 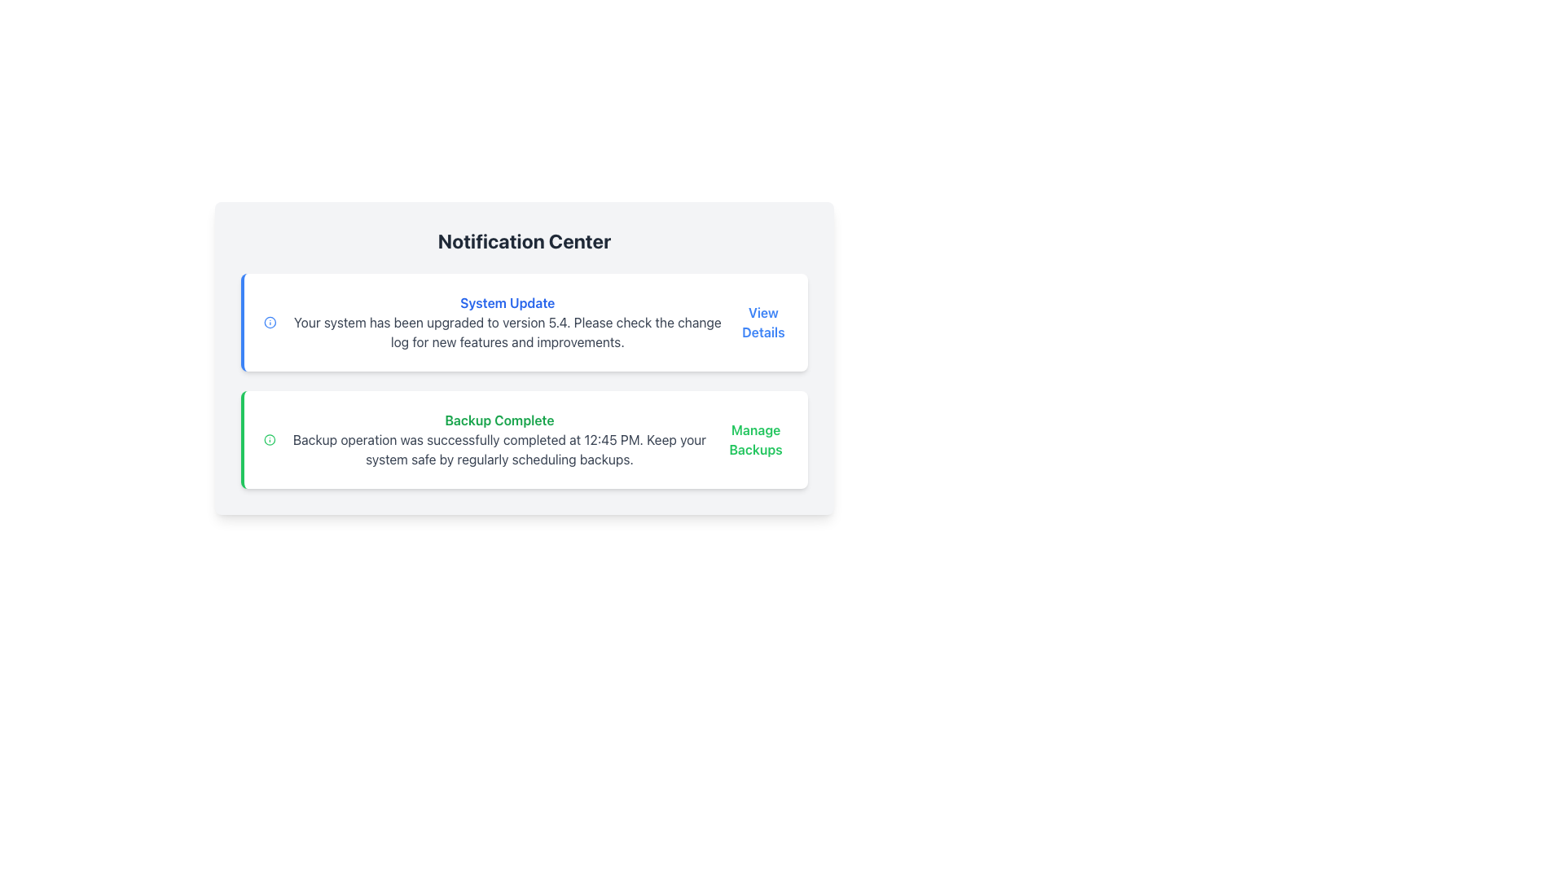 What do you see at coordinates (762, 323) in the screenshot?
I see `the button-link located at the top-right corner of the 'System Update' section` at bounding box center [762, 323].